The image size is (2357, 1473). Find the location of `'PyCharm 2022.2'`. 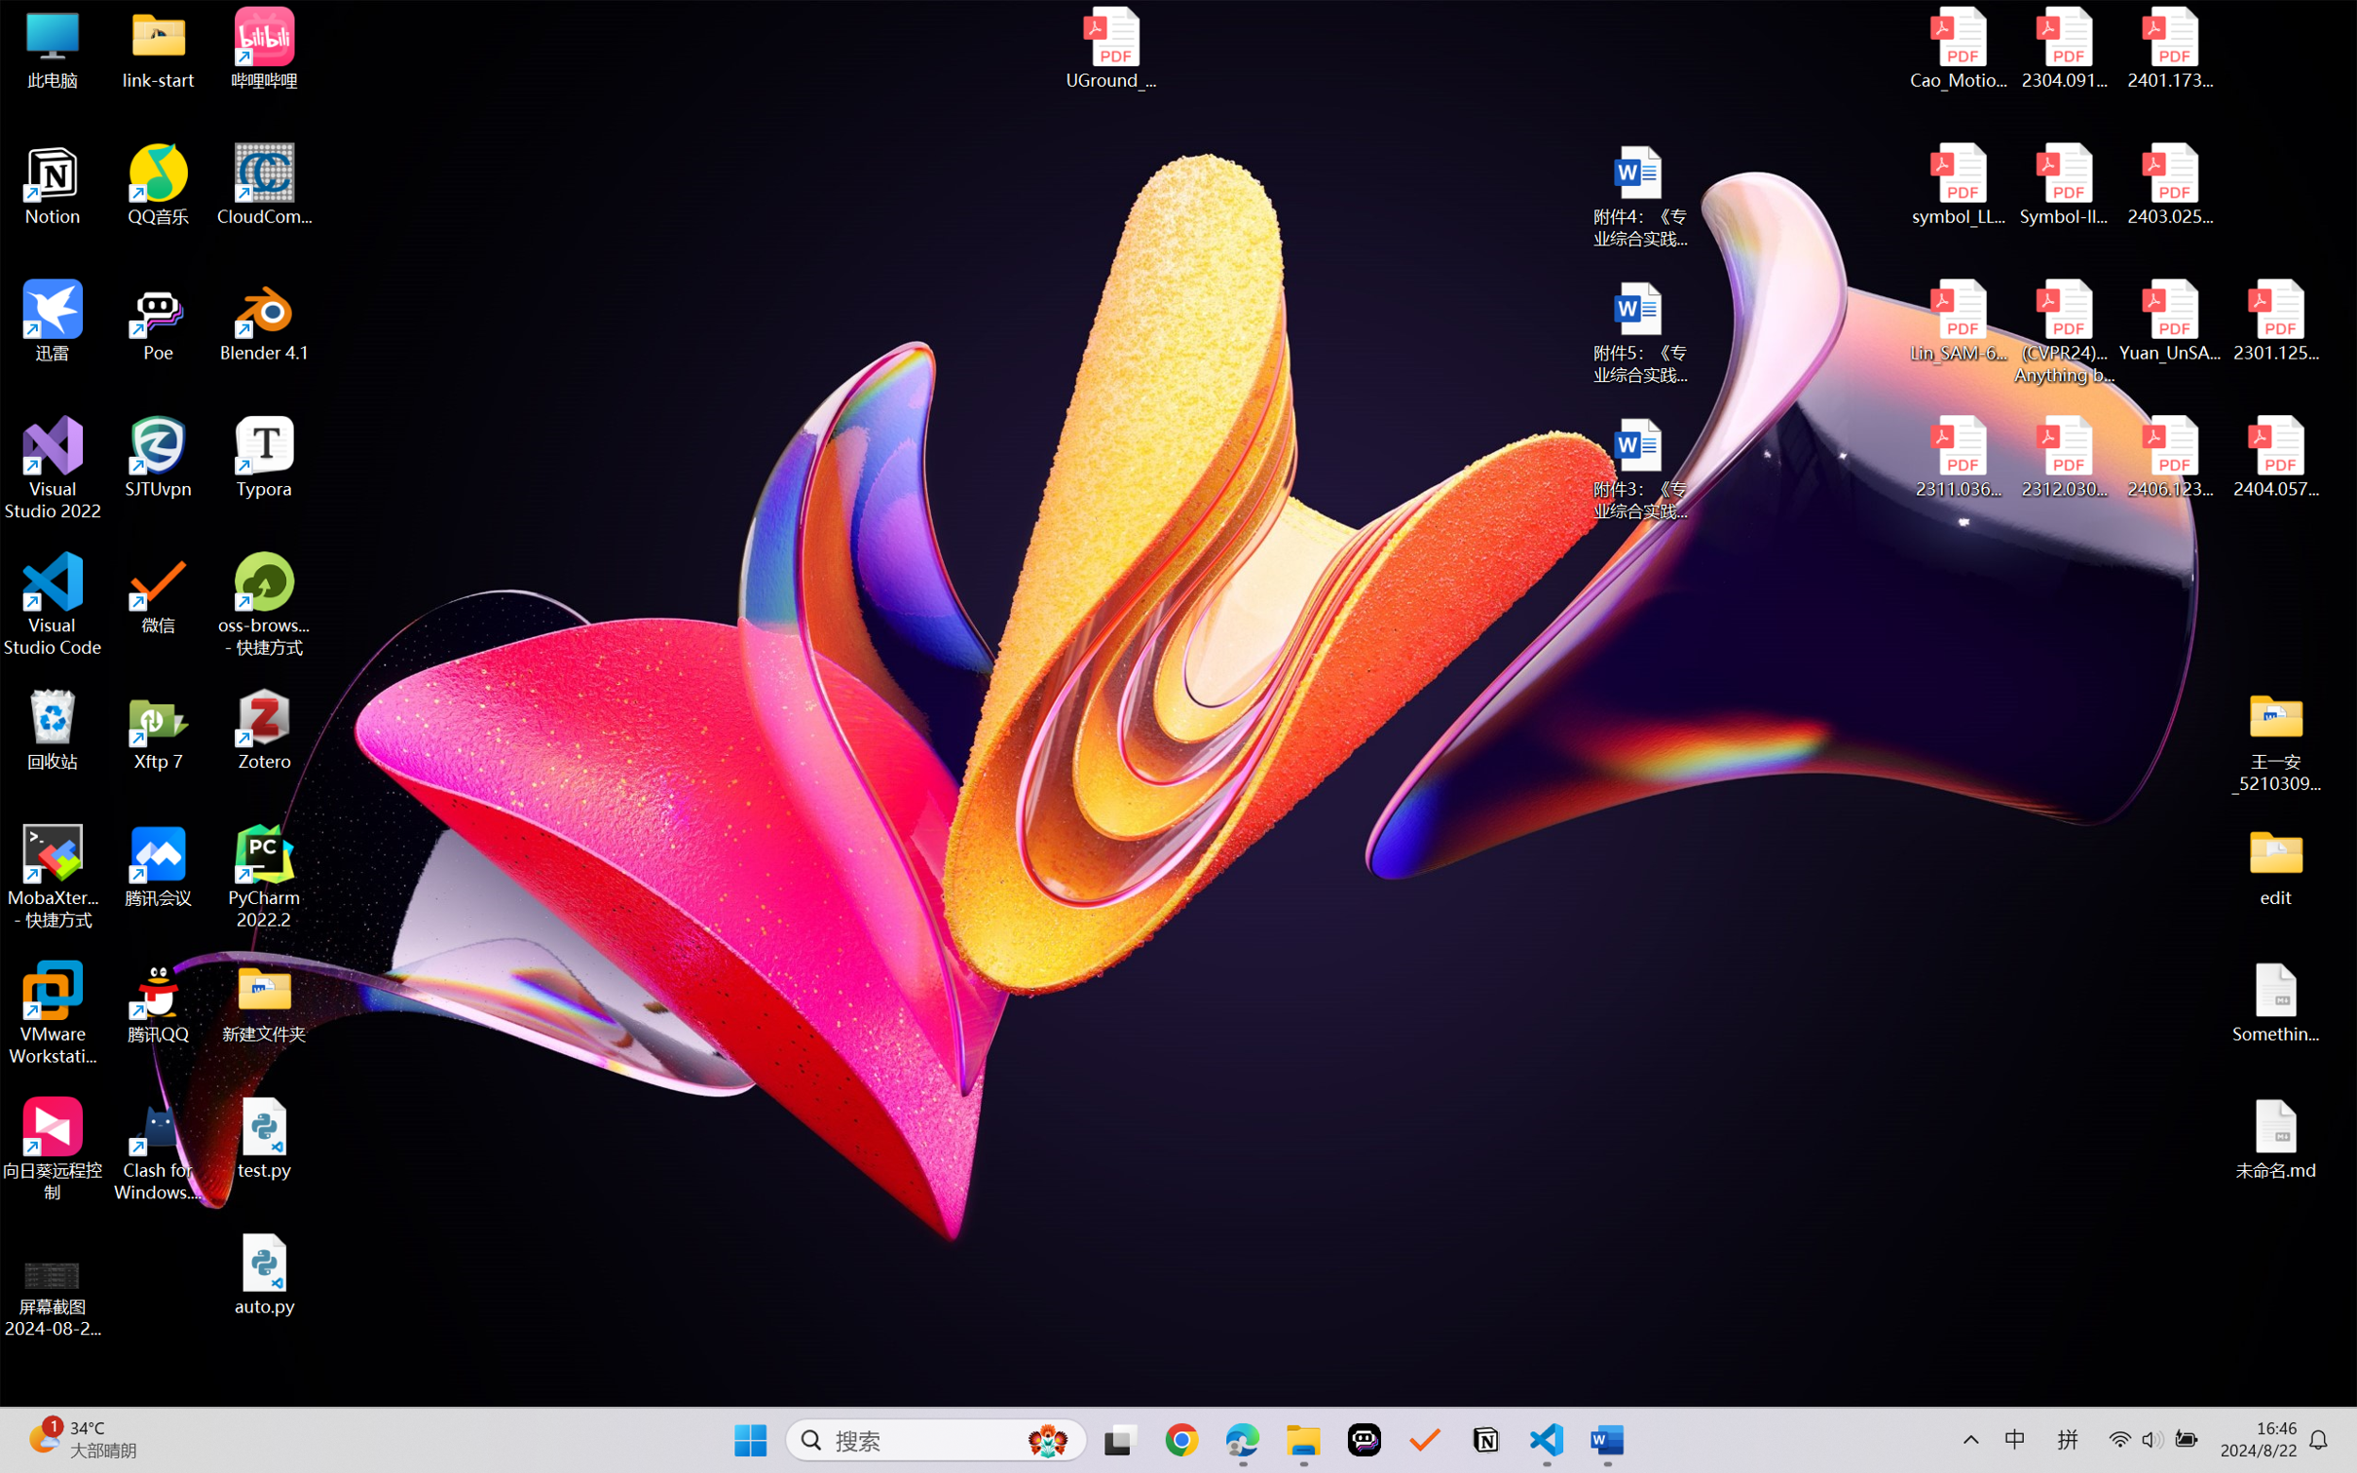

'PyCharm 2022.2' is located at coordinates (264, 877).